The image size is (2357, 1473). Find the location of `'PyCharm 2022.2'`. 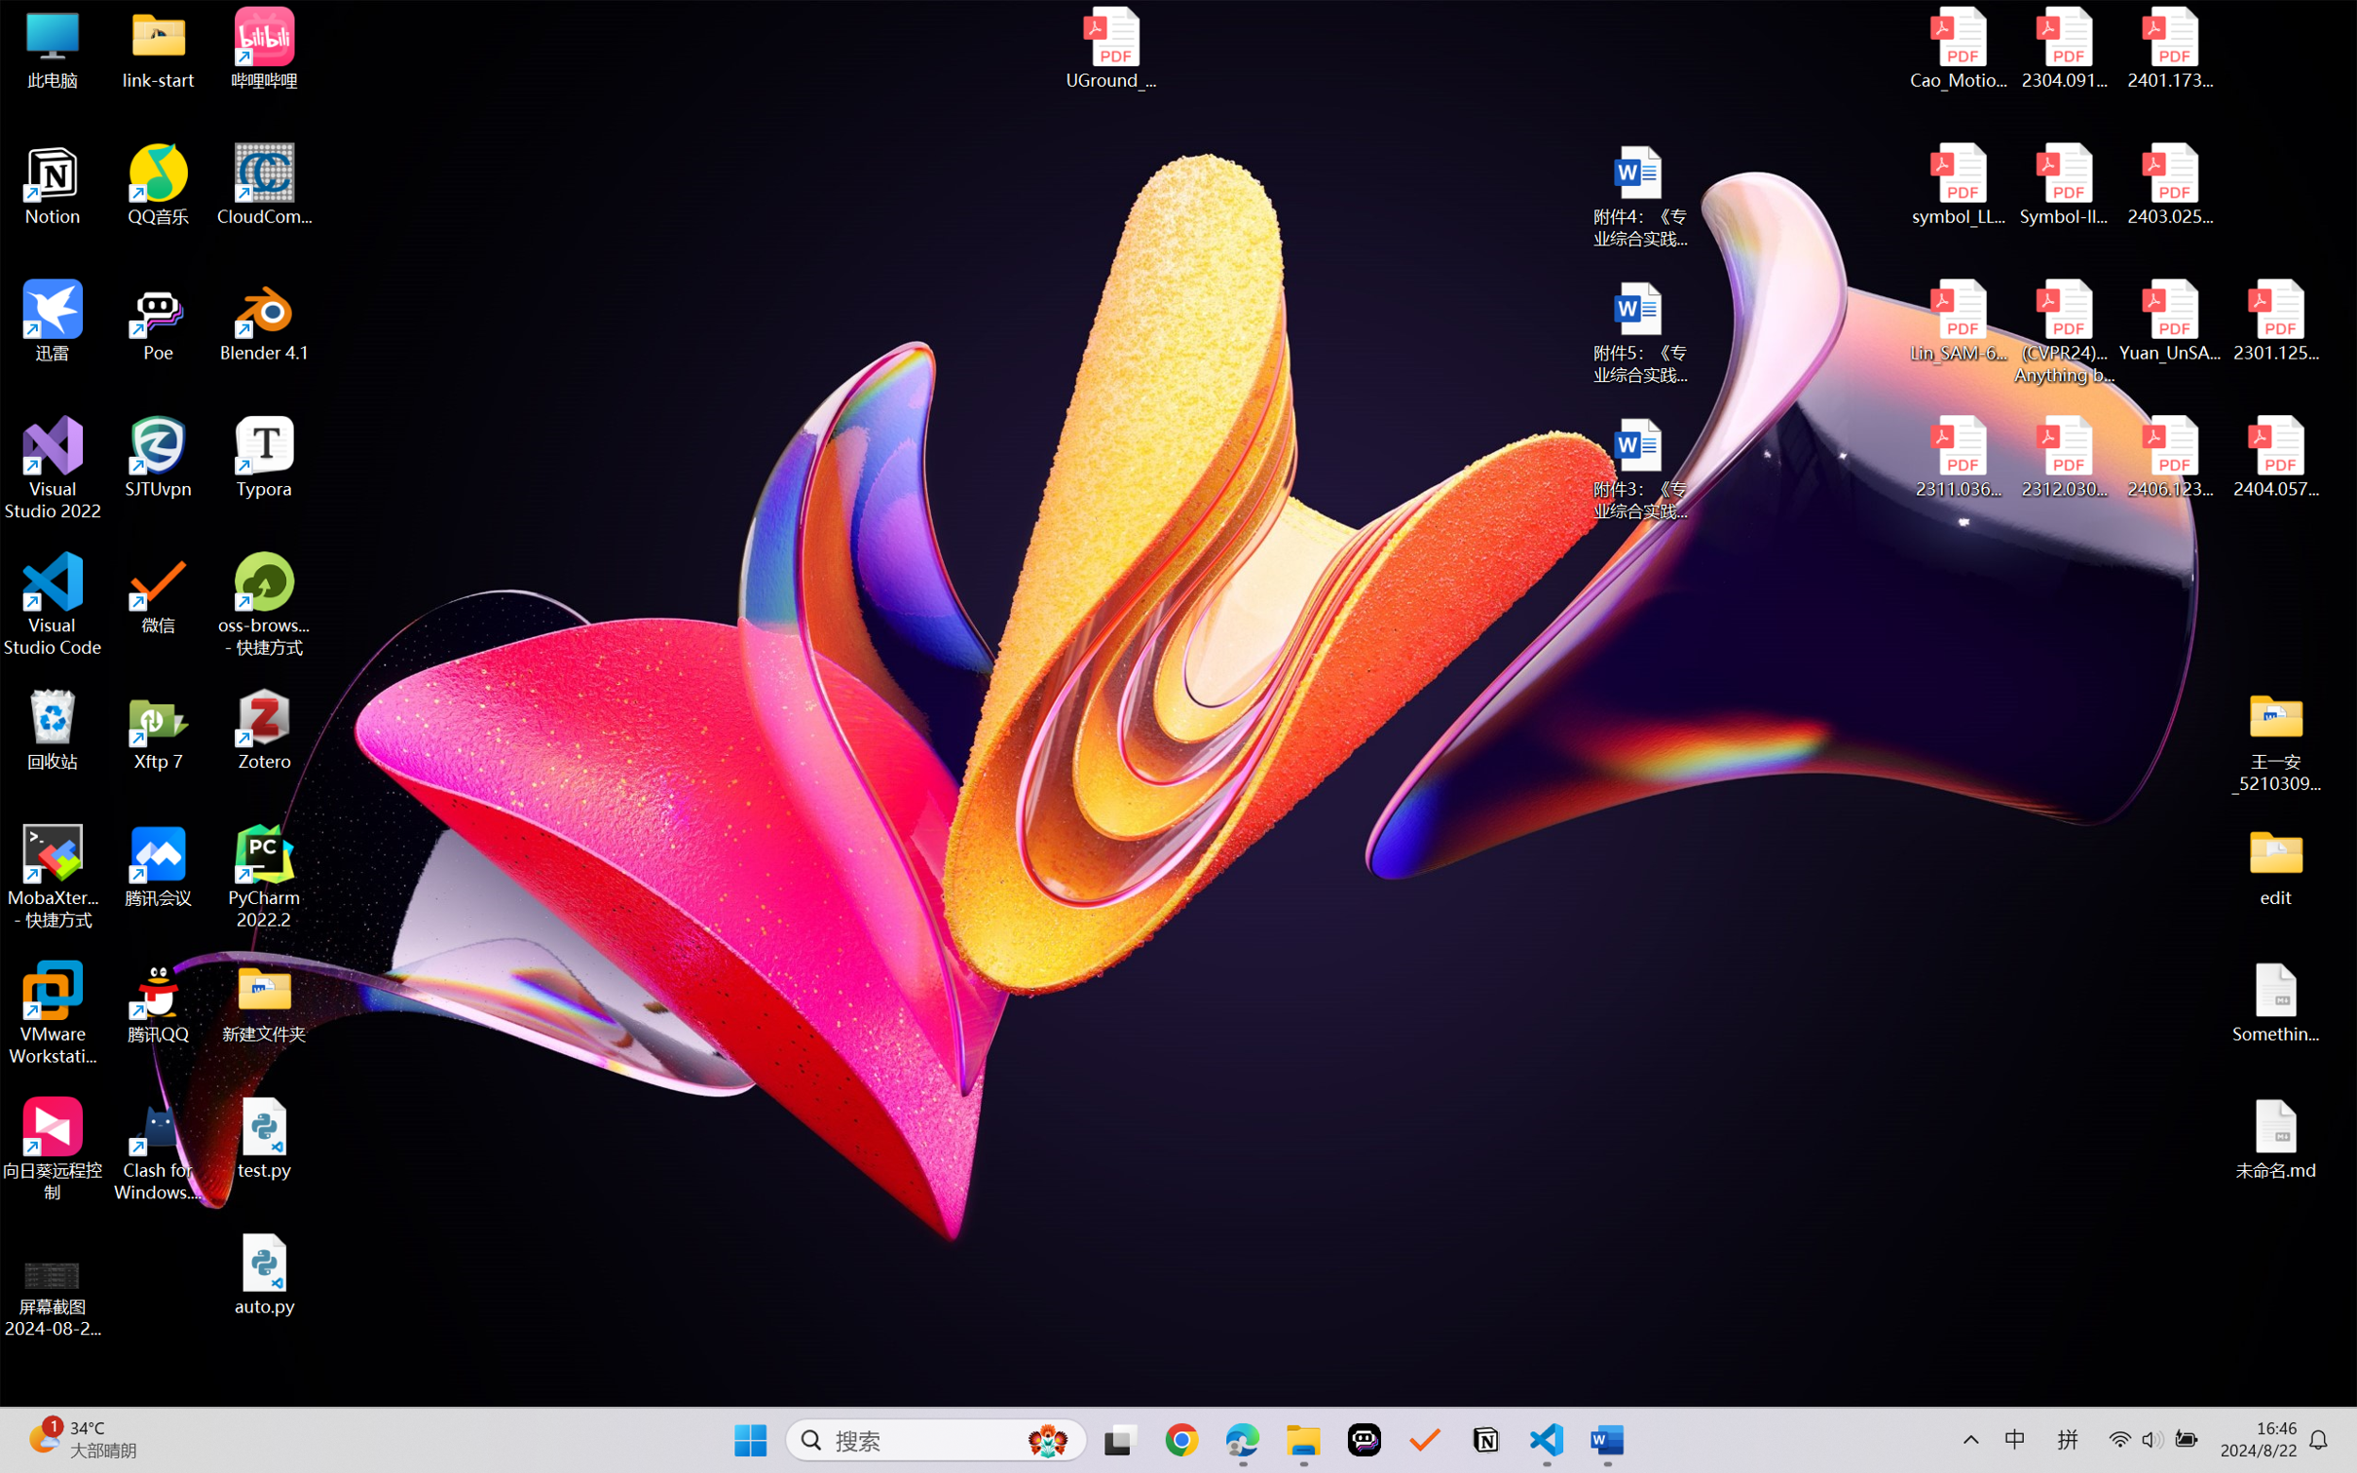

'PyCharm 2022.2' is located at coordinates (264, 877).